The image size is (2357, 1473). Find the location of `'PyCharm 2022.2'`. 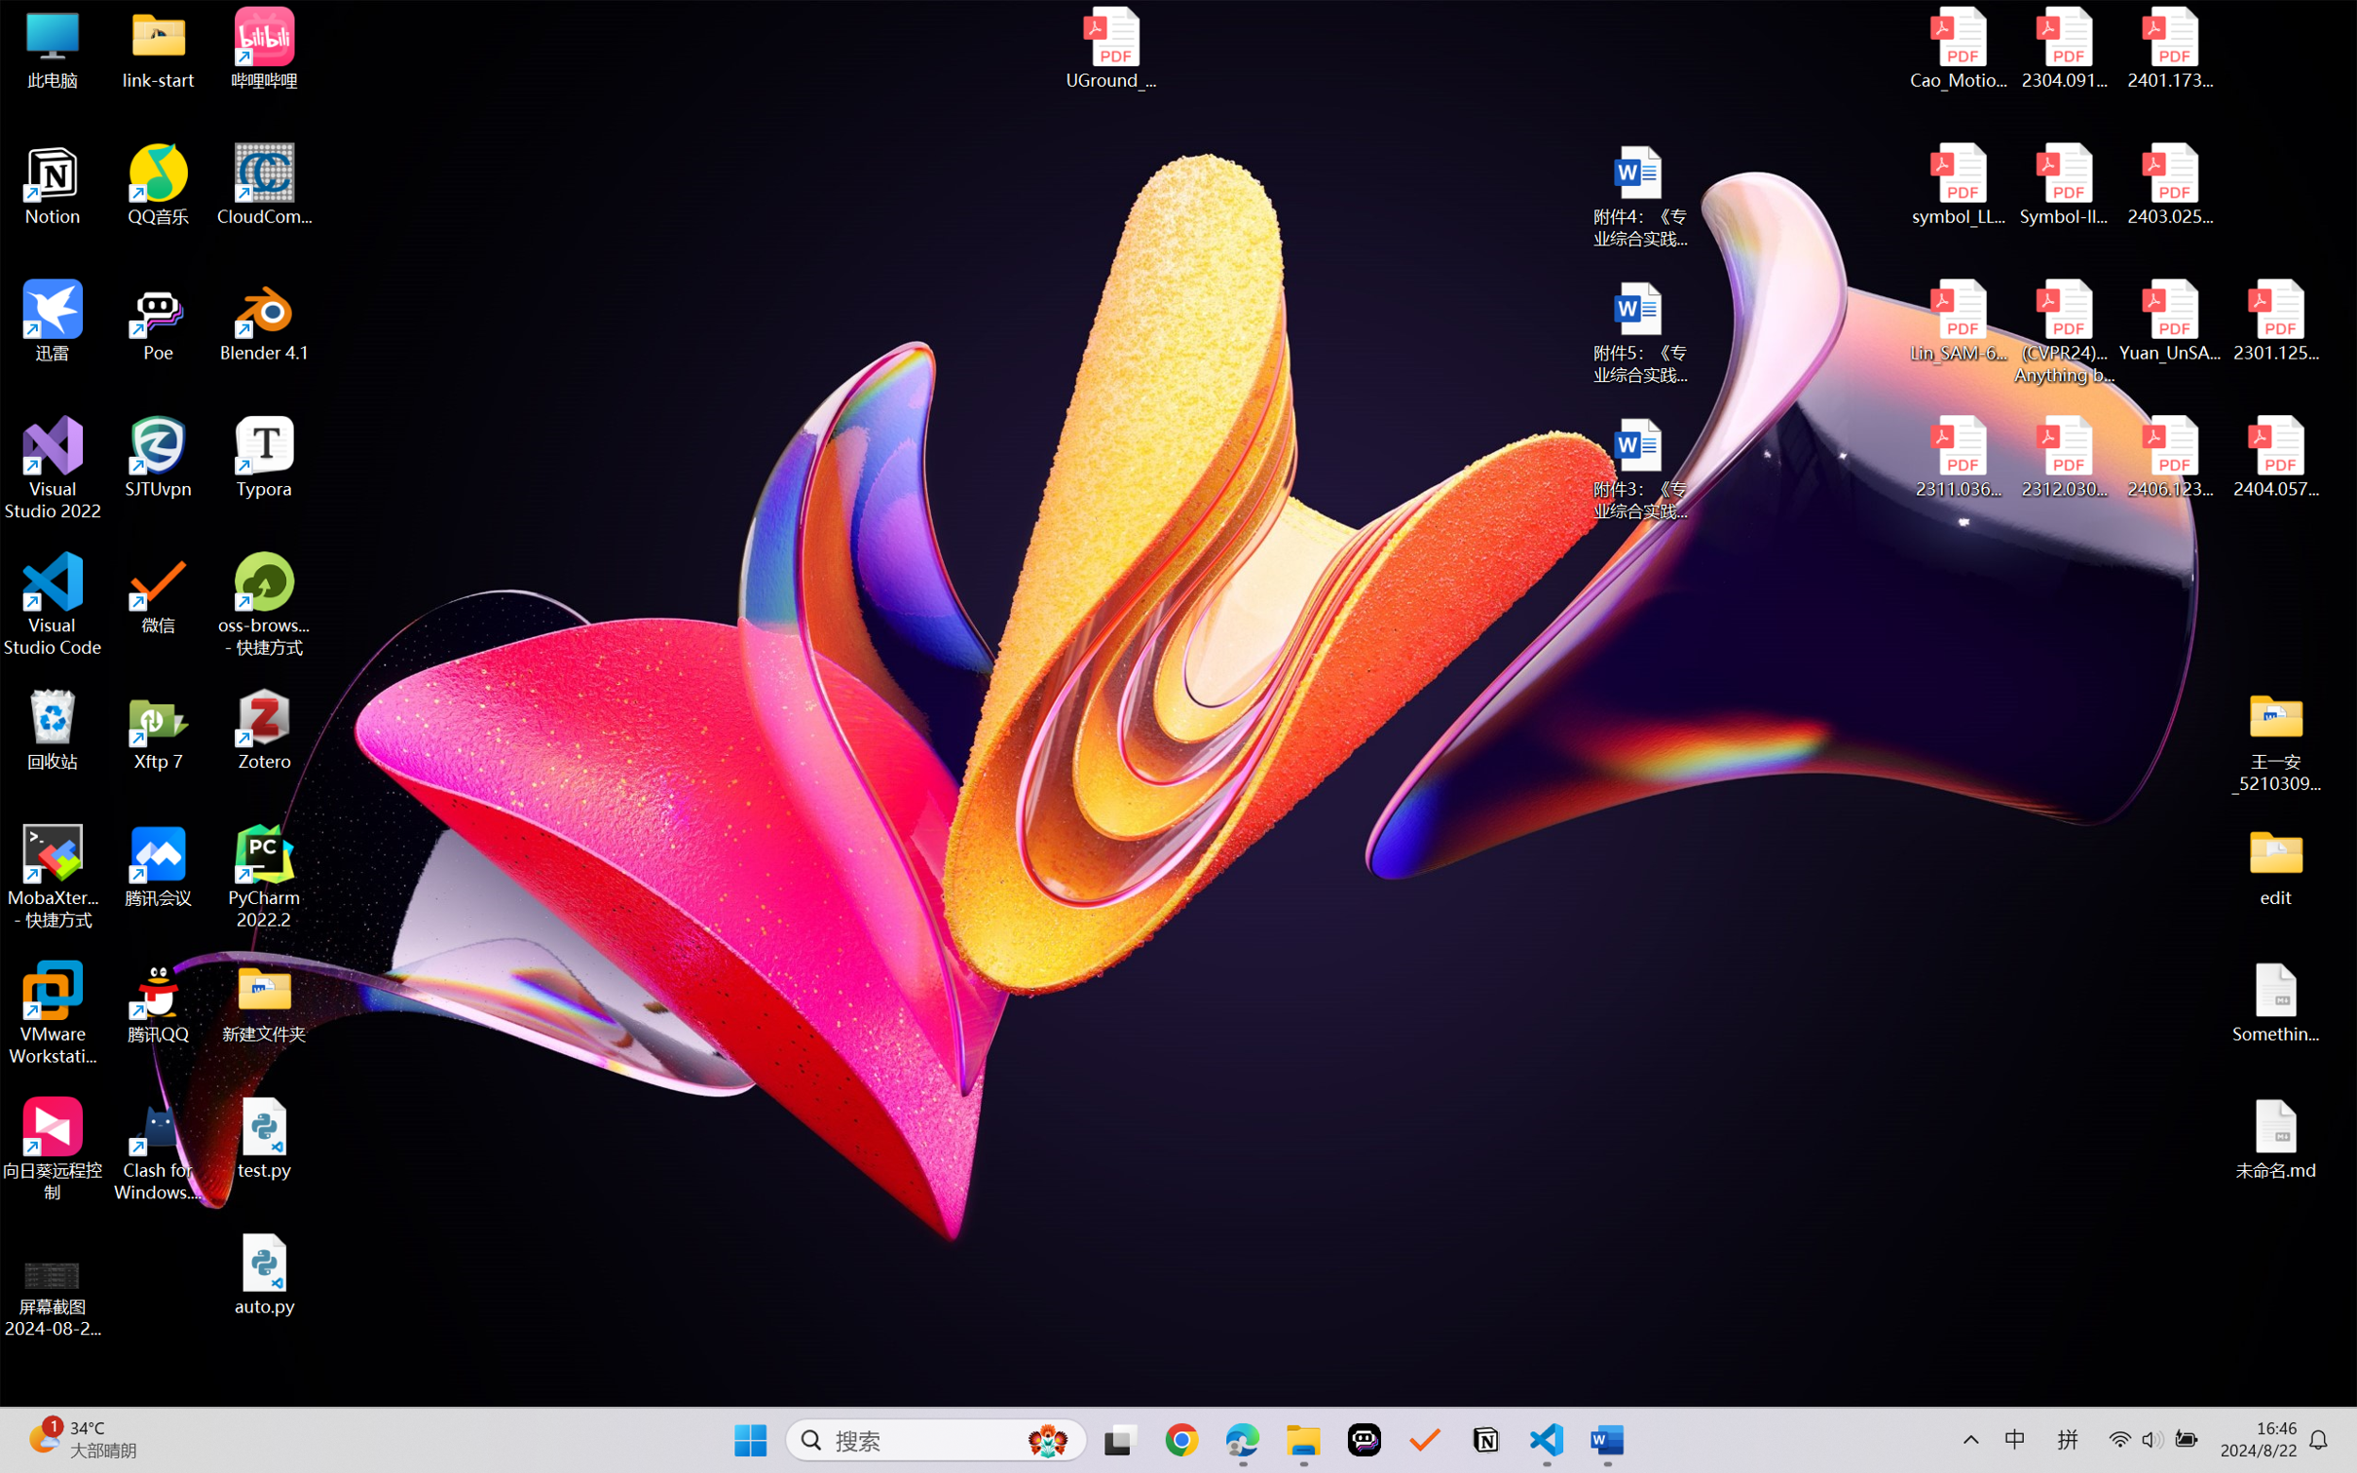

'PyCharm 2022.2' is located at coordinates (264, 877).